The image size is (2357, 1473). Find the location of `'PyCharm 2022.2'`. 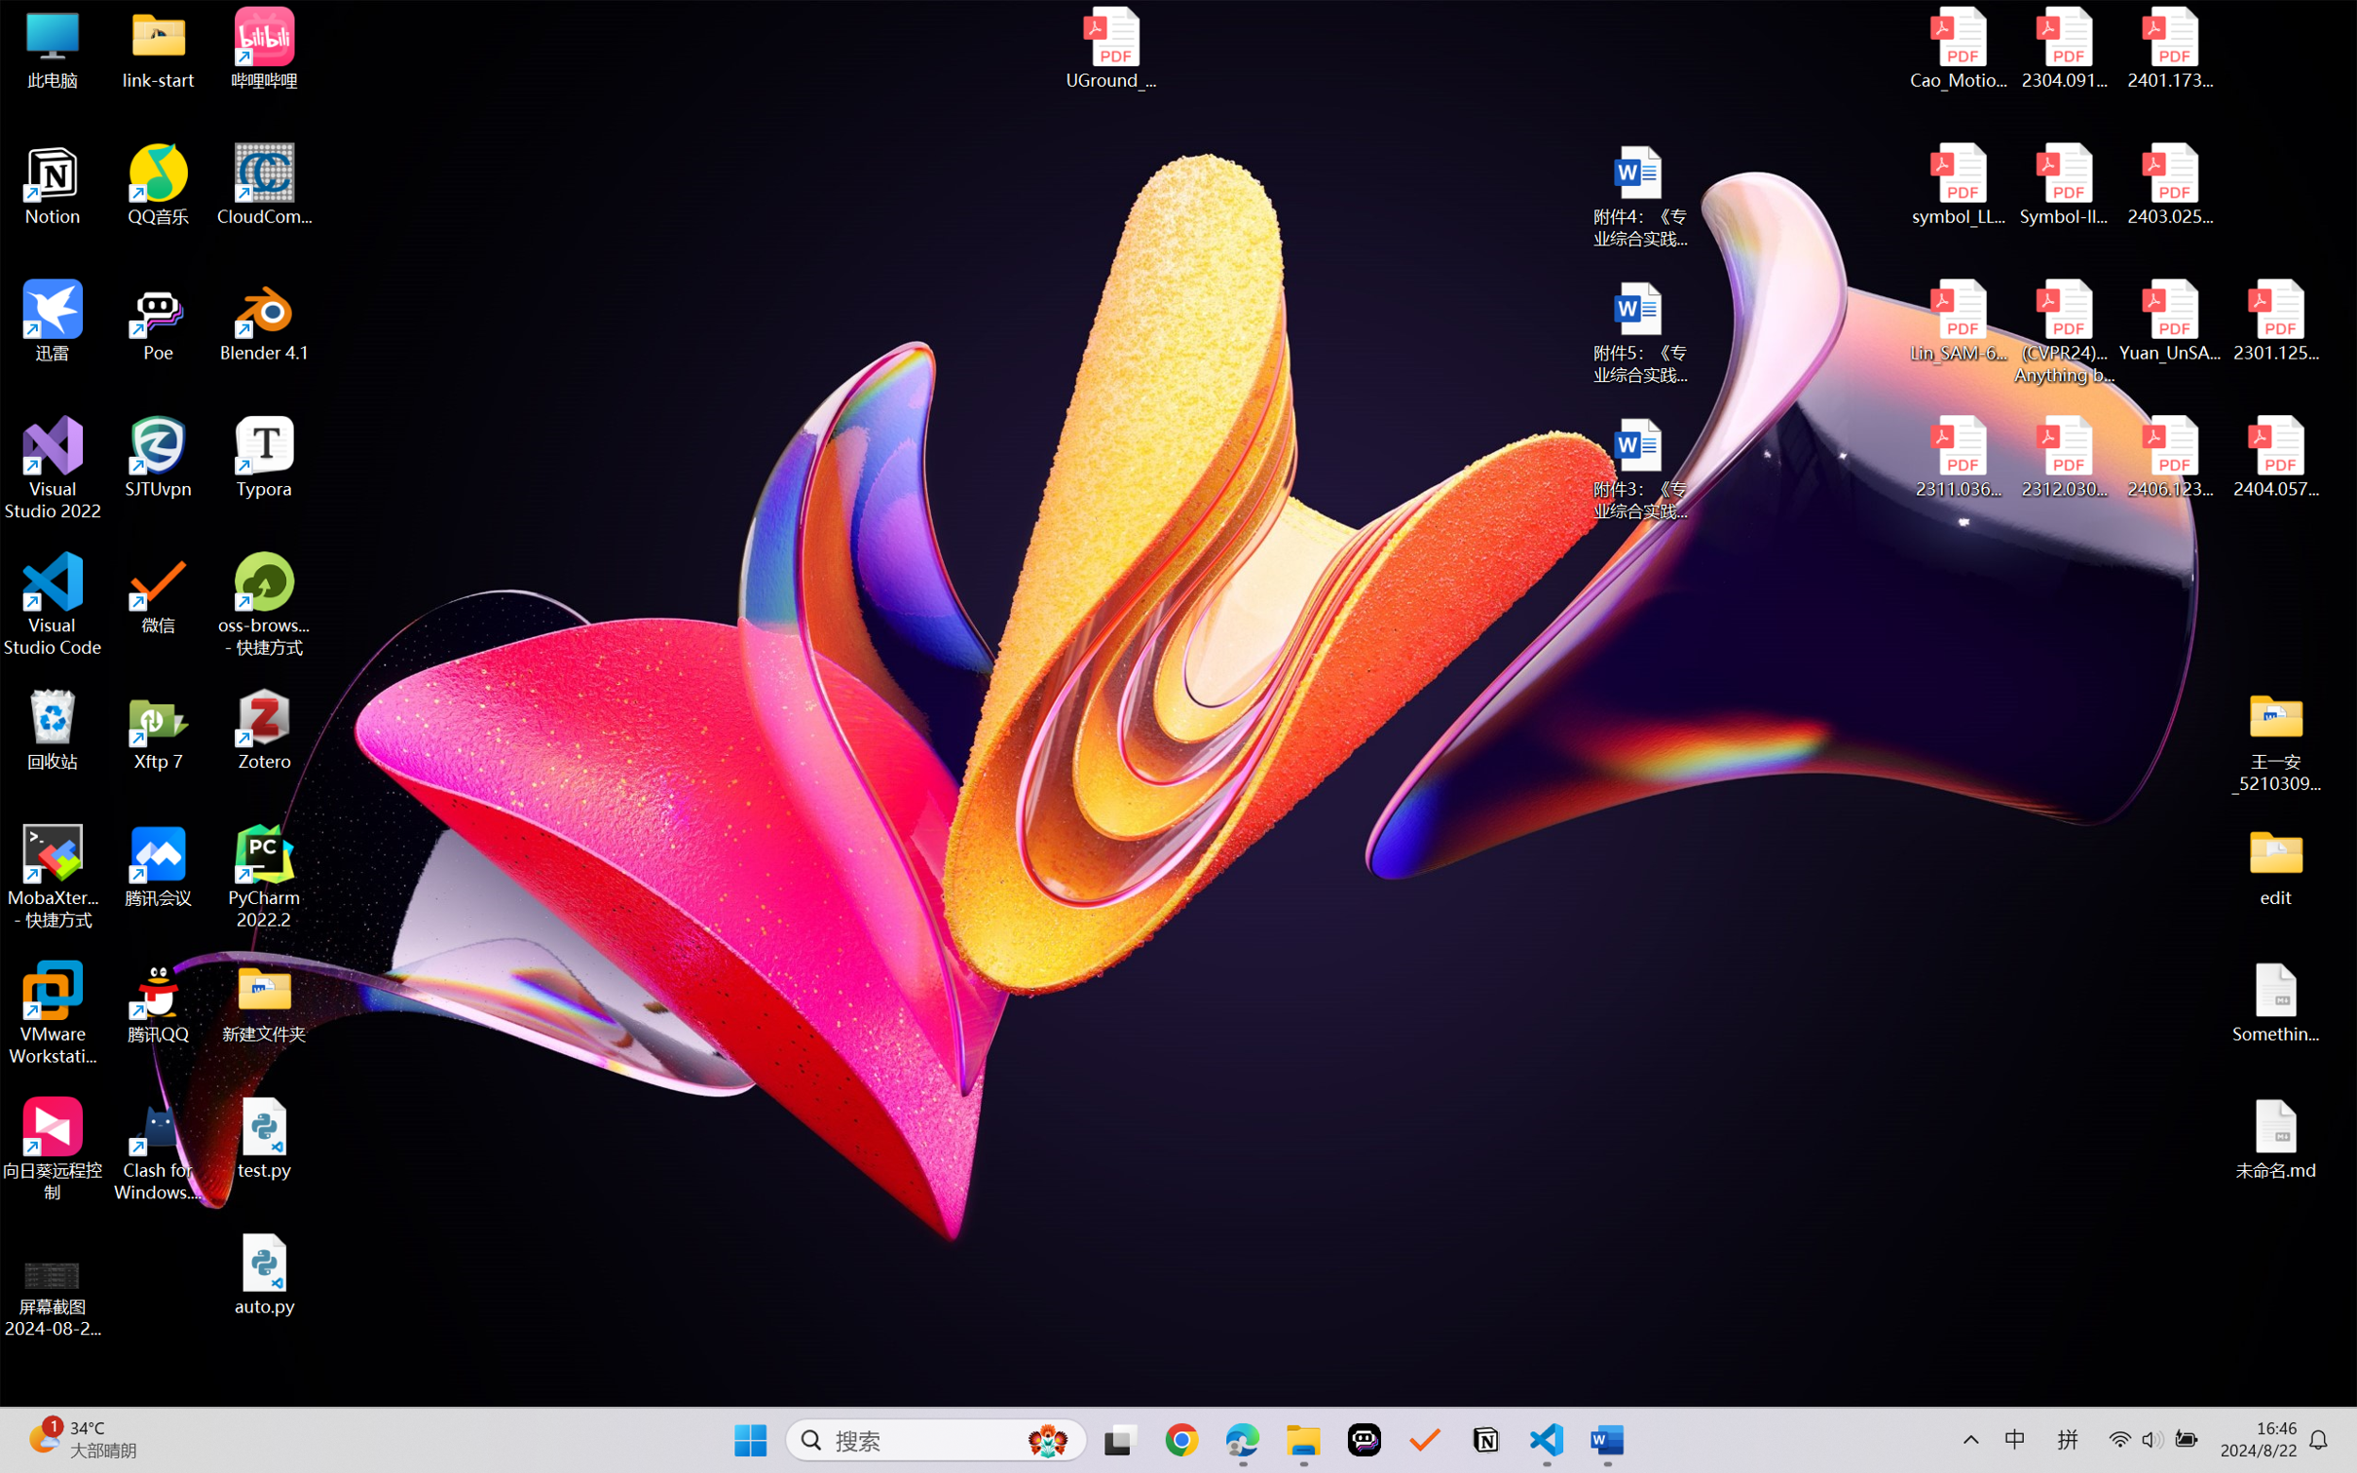

'PyCharm 2022.2' is located at coordinates (264, 877).